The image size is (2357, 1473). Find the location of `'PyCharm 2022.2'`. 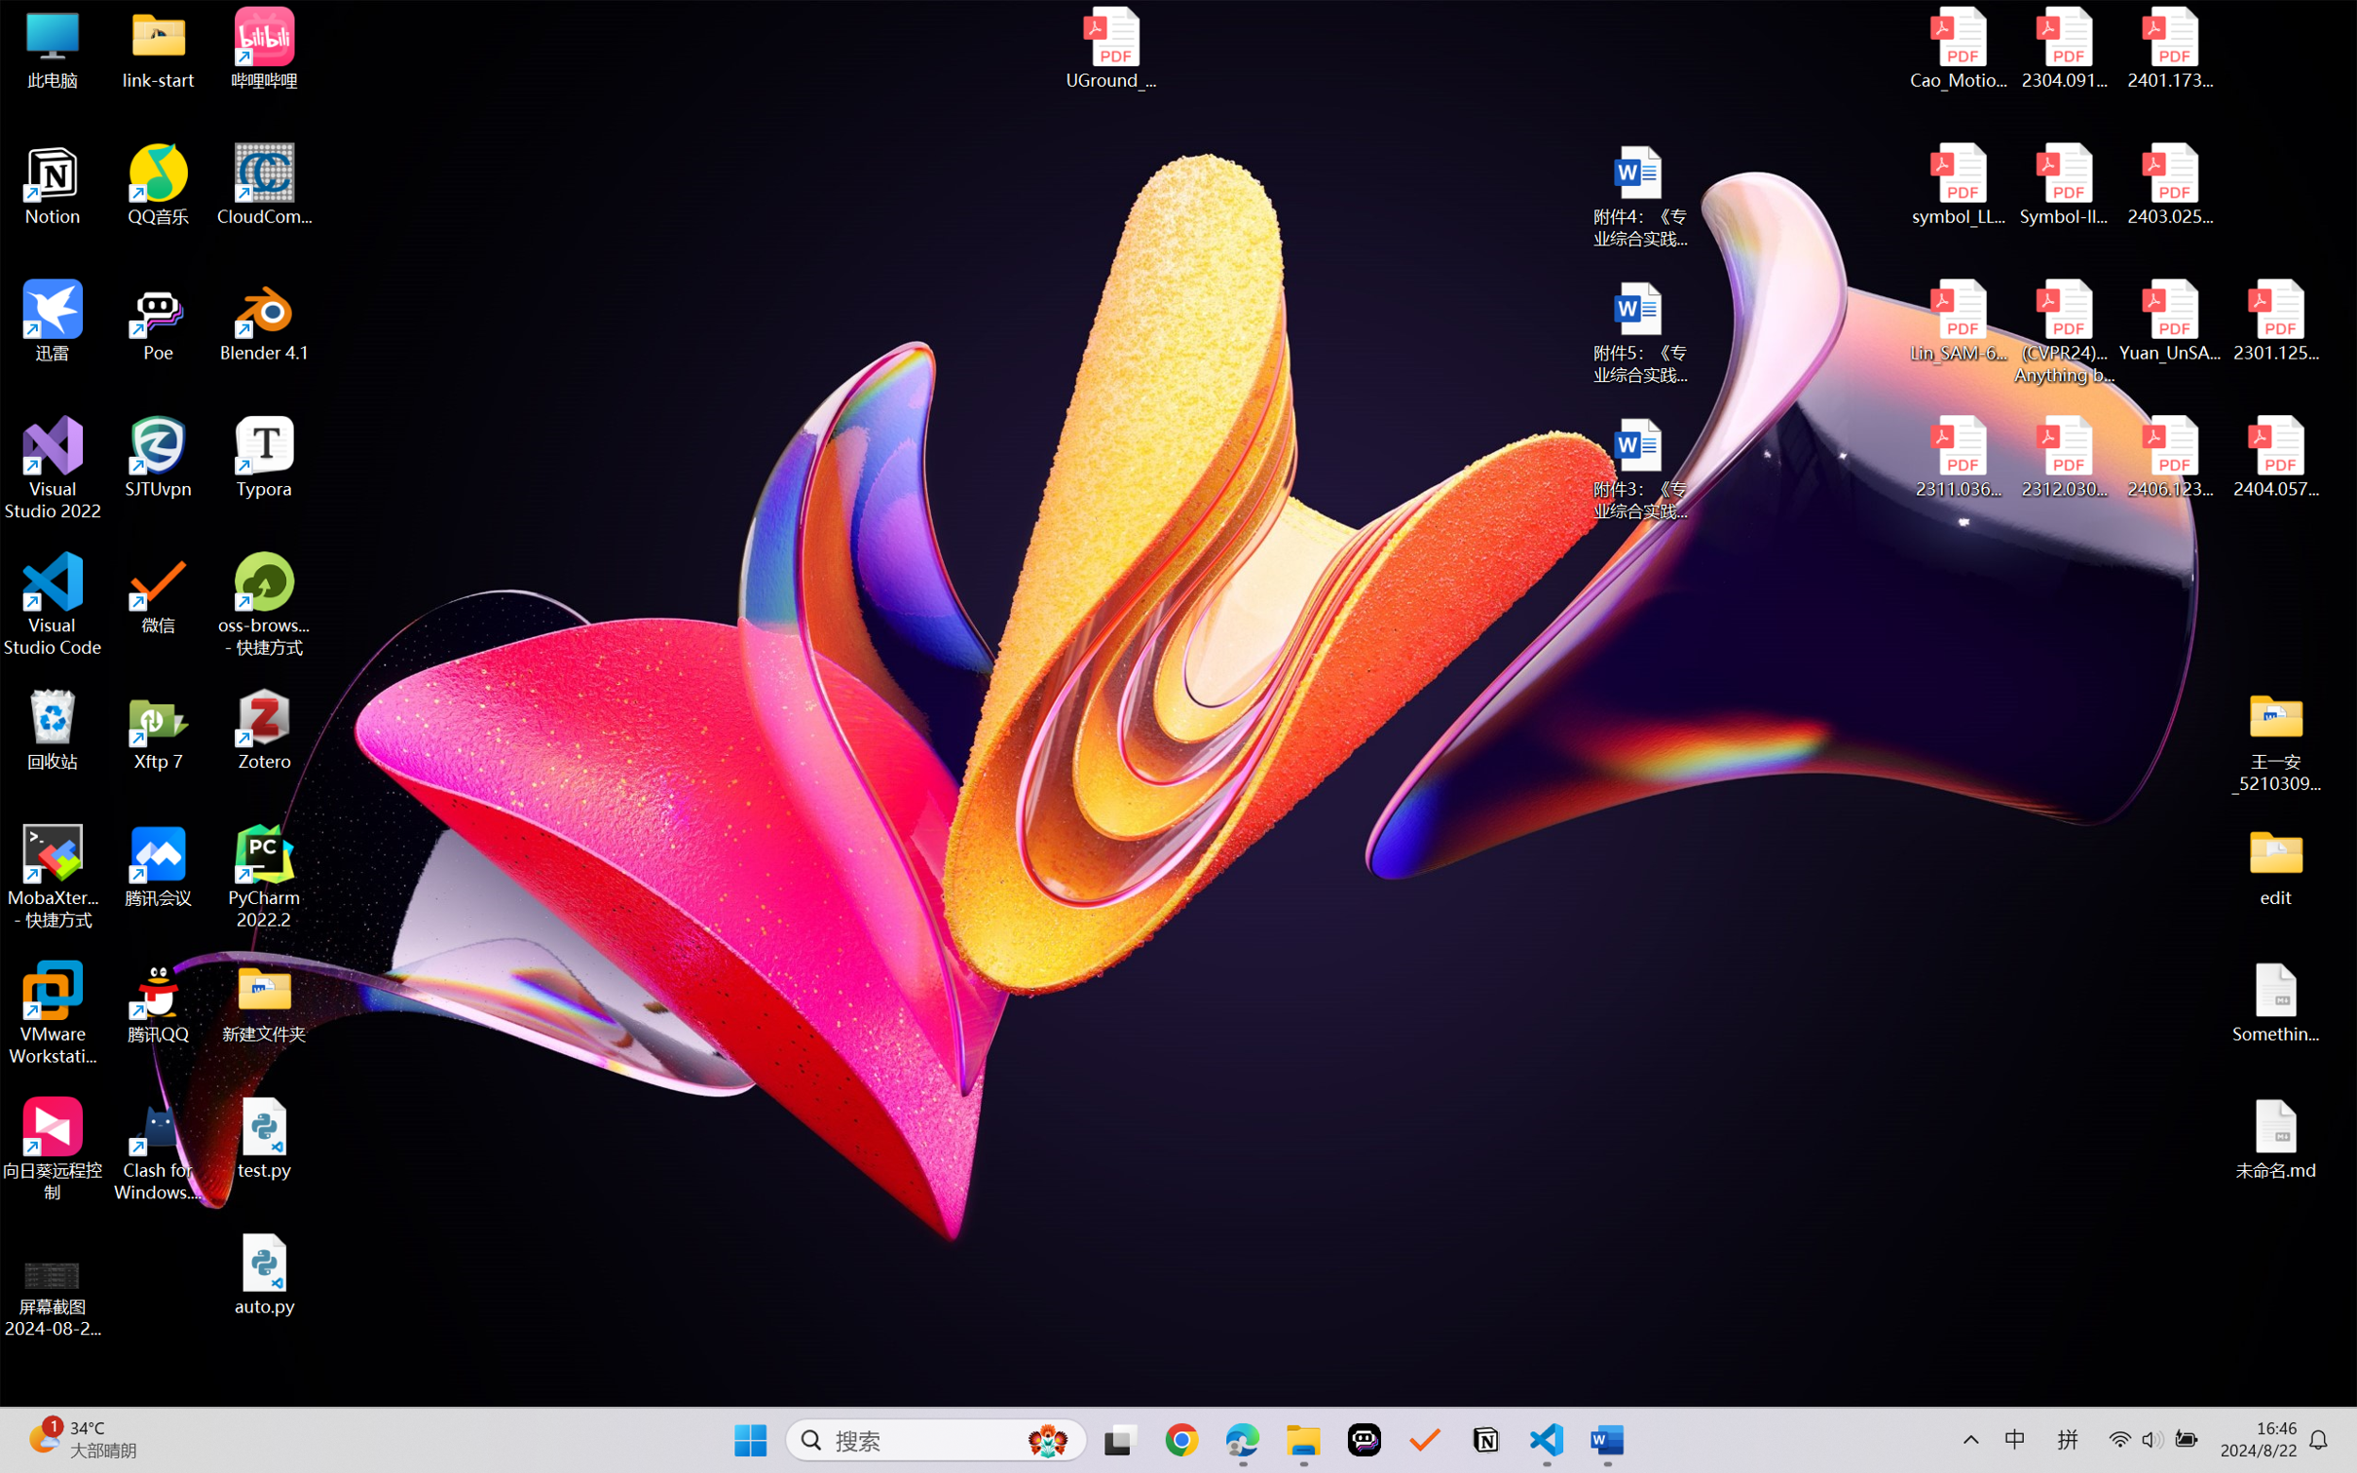

'PyCharm 2022.2' is located at coordinates (264, 877).